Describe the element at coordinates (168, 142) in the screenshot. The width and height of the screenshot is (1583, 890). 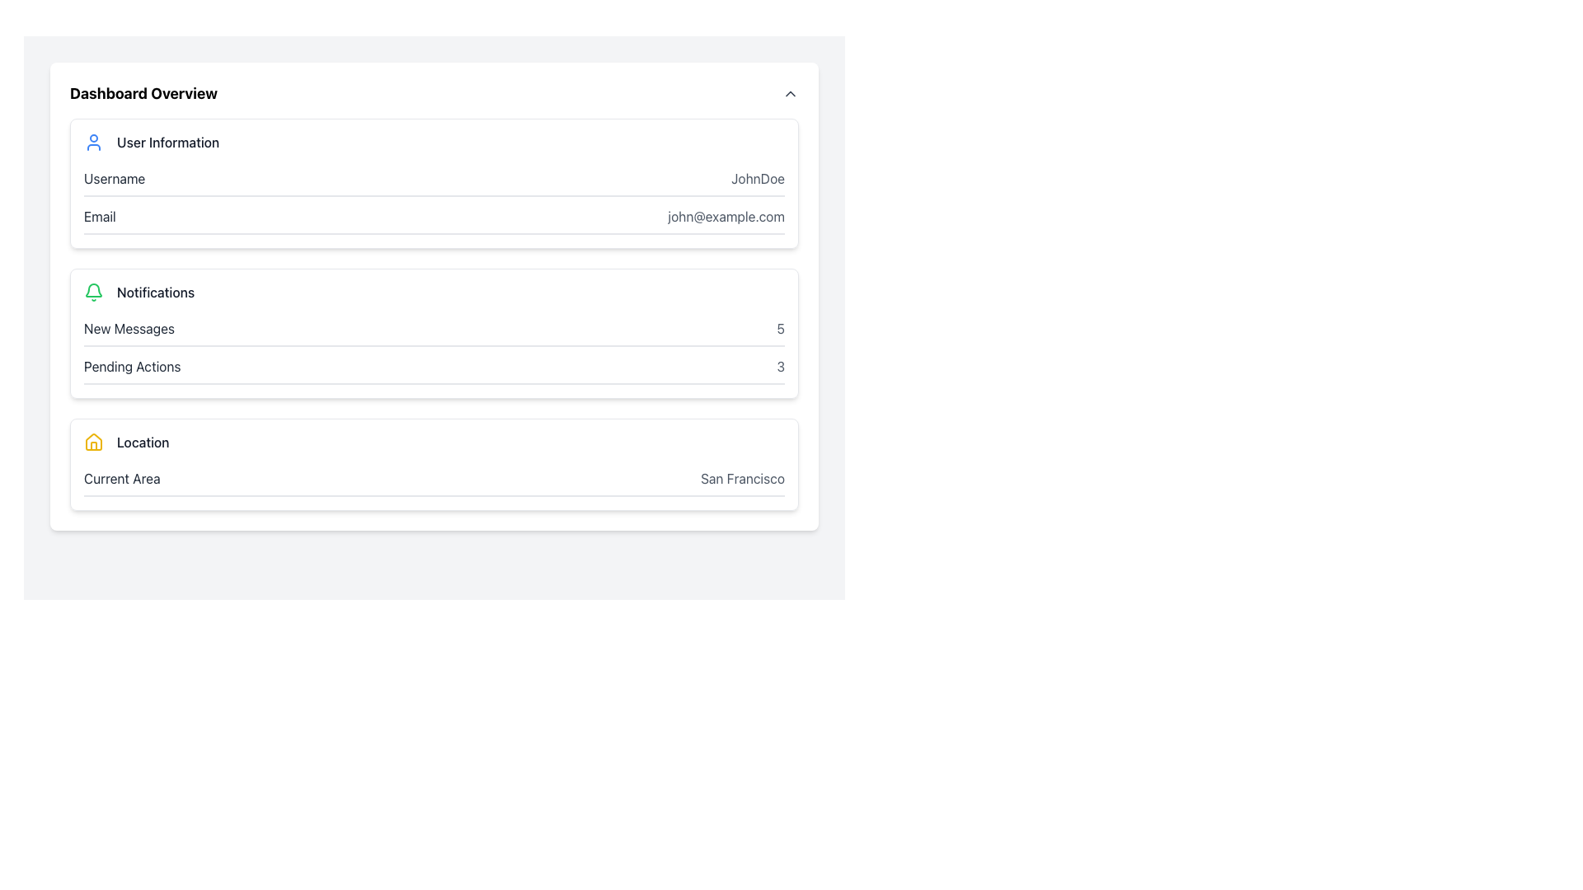
I see `the static text label that serves as a heading for the user details section, positioned to the right of the user icon in the Dashboard Overview interface` at that location.